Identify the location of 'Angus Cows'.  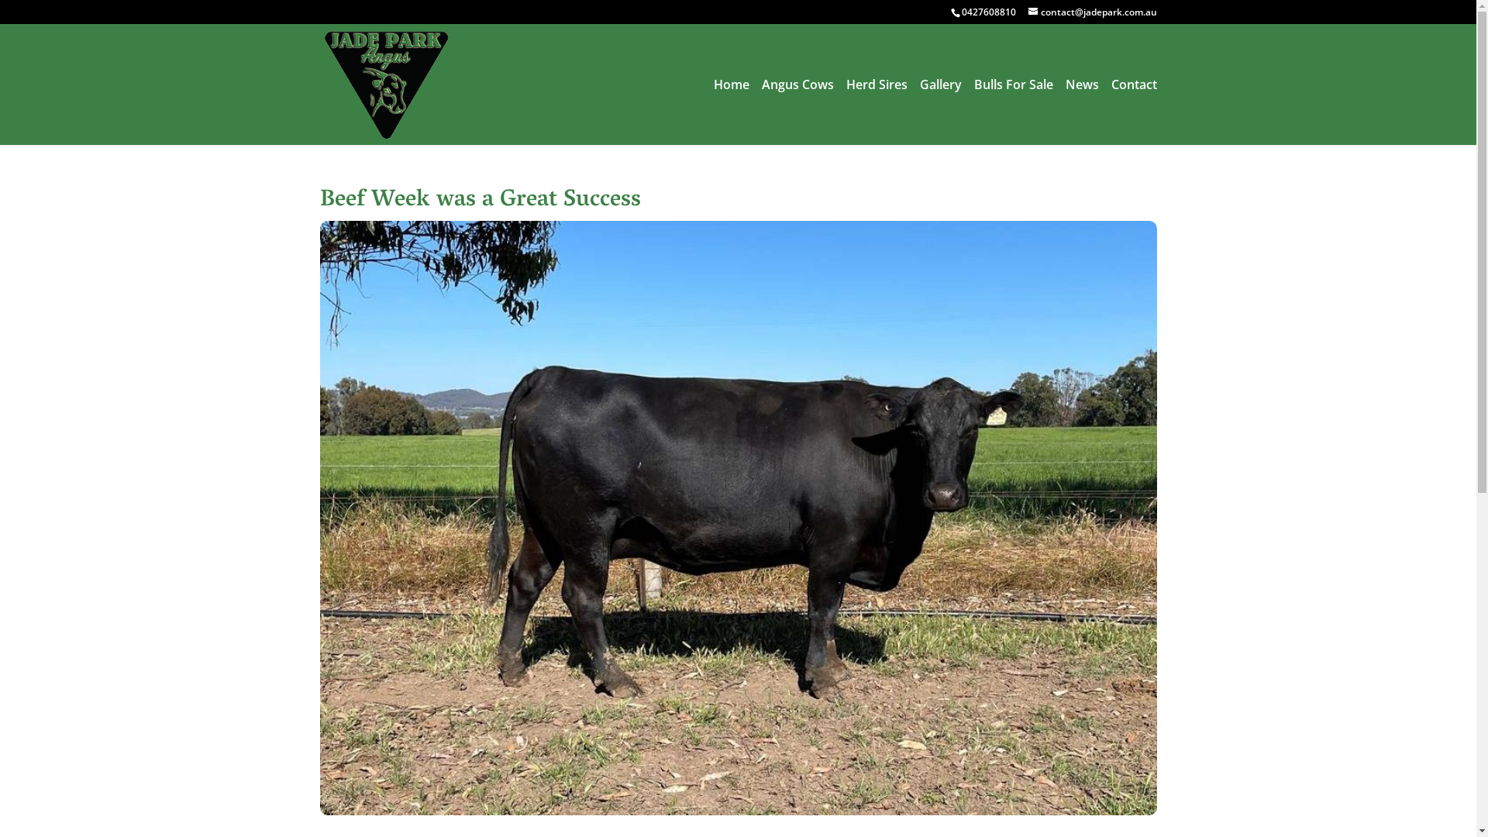
(797, 111).